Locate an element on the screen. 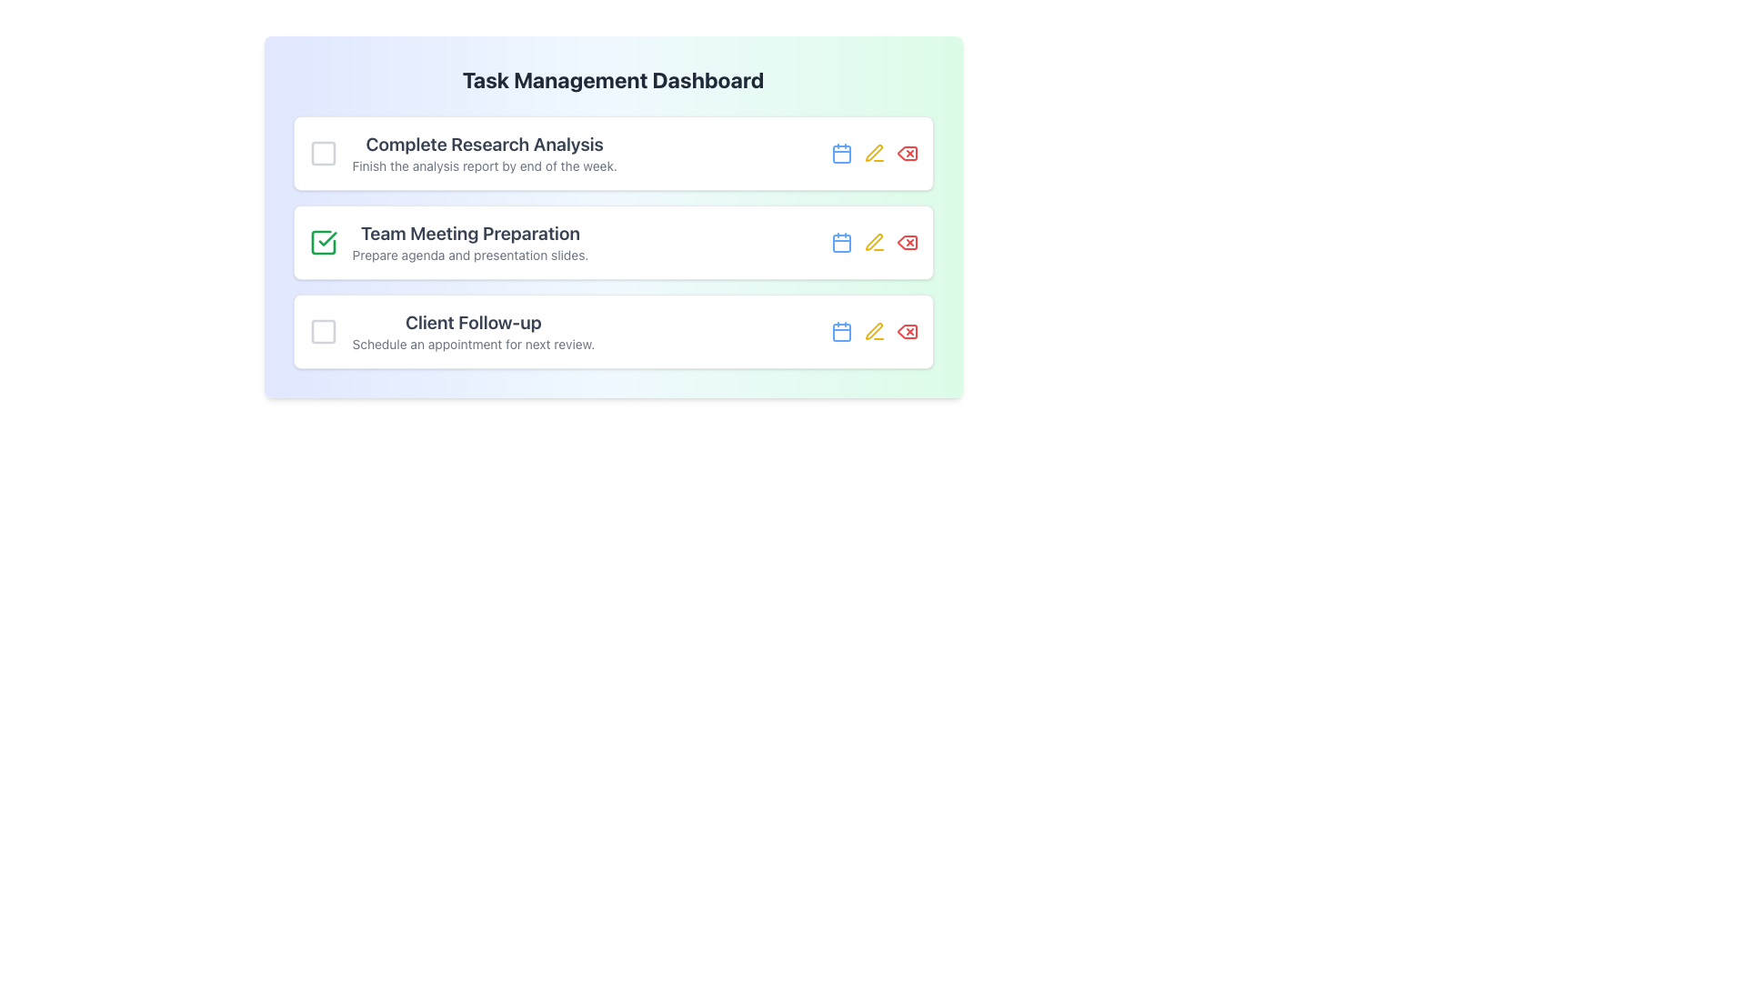 The width and height of the screenshot is (1746, 982). the status indicator icon for the incomplete task in the first row of the task list, located to the left of 'Complete Research Analysis' is located at coordinates (323, 153).